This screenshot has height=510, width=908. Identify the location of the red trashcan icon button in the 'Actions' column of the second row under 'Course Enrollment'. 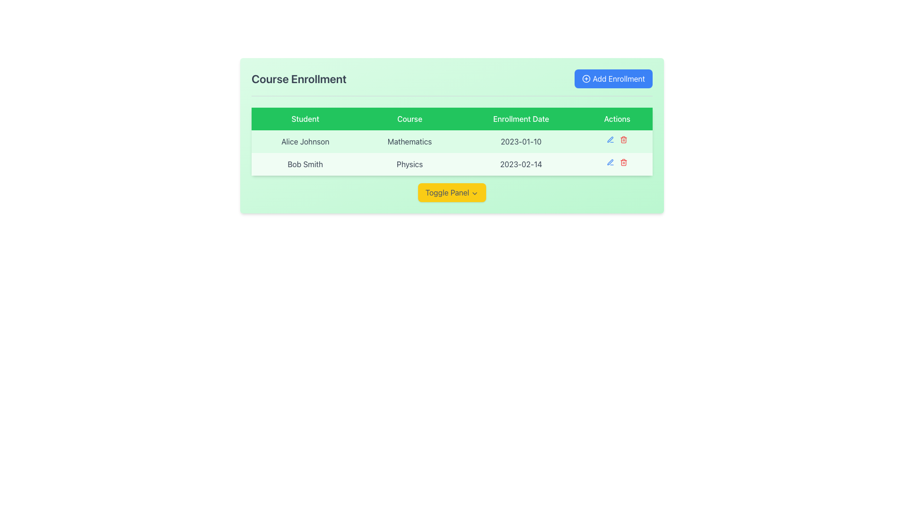
(624, 161).